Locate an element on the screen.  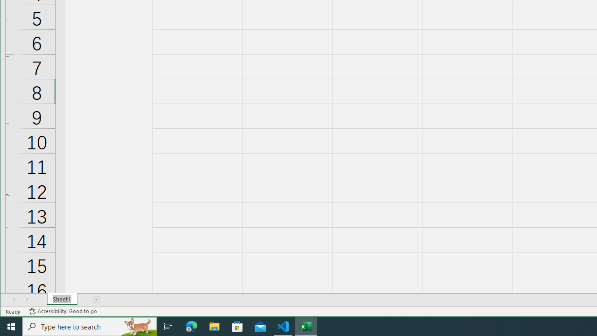
'Sheet Tab' is located at coordinates (62, 299).